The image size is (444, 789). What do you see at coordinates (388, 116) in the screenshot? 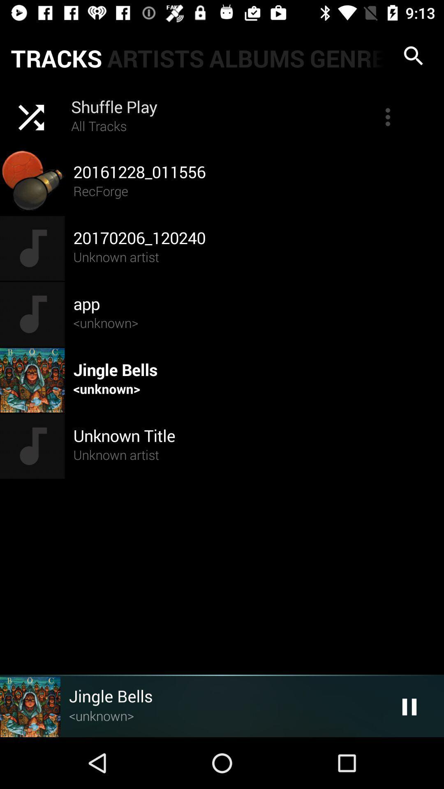
I see `more` at bounding box center [388, 116].